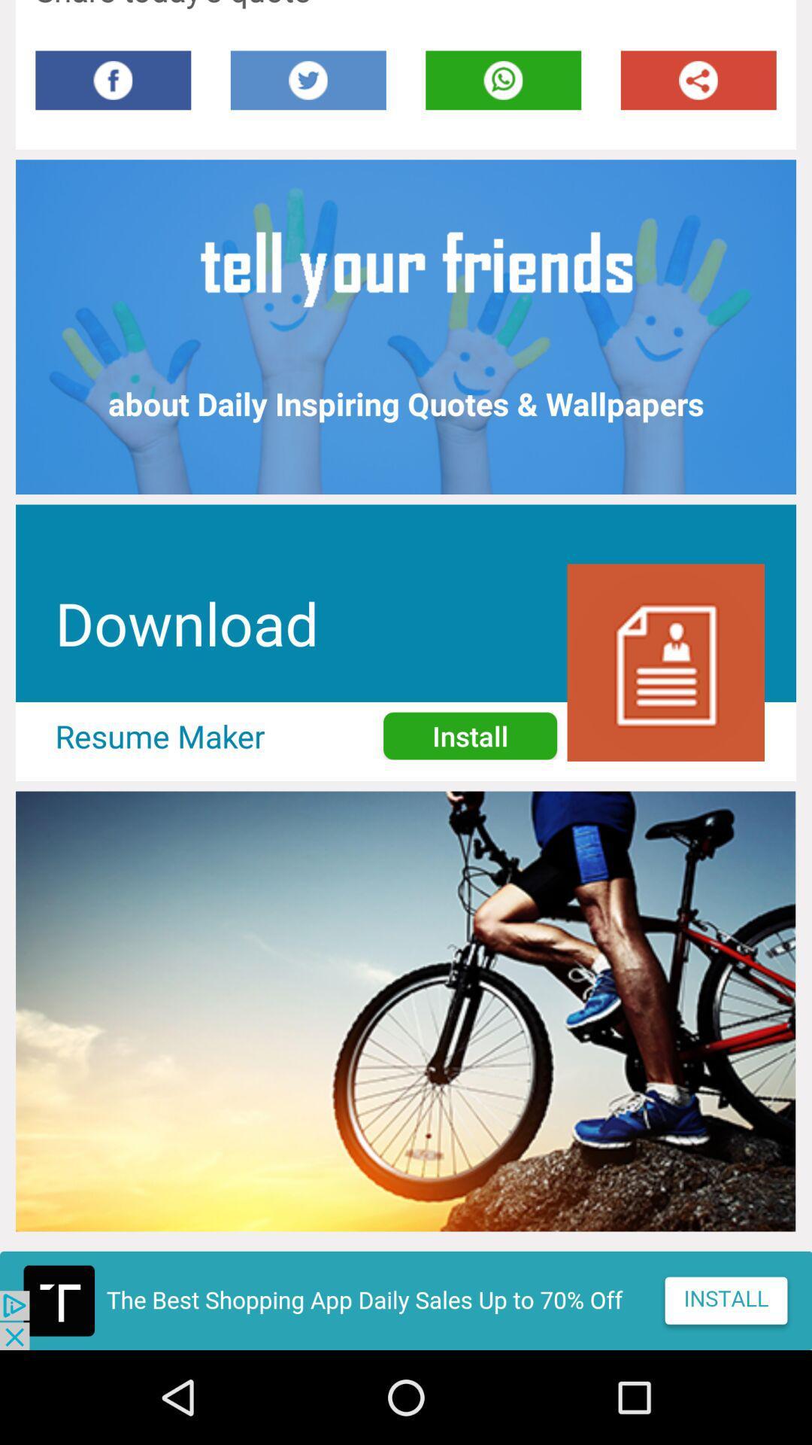  Describe the element at coordinates (406, 1300) in the screenshot. I see `advertisement banner` at that location.